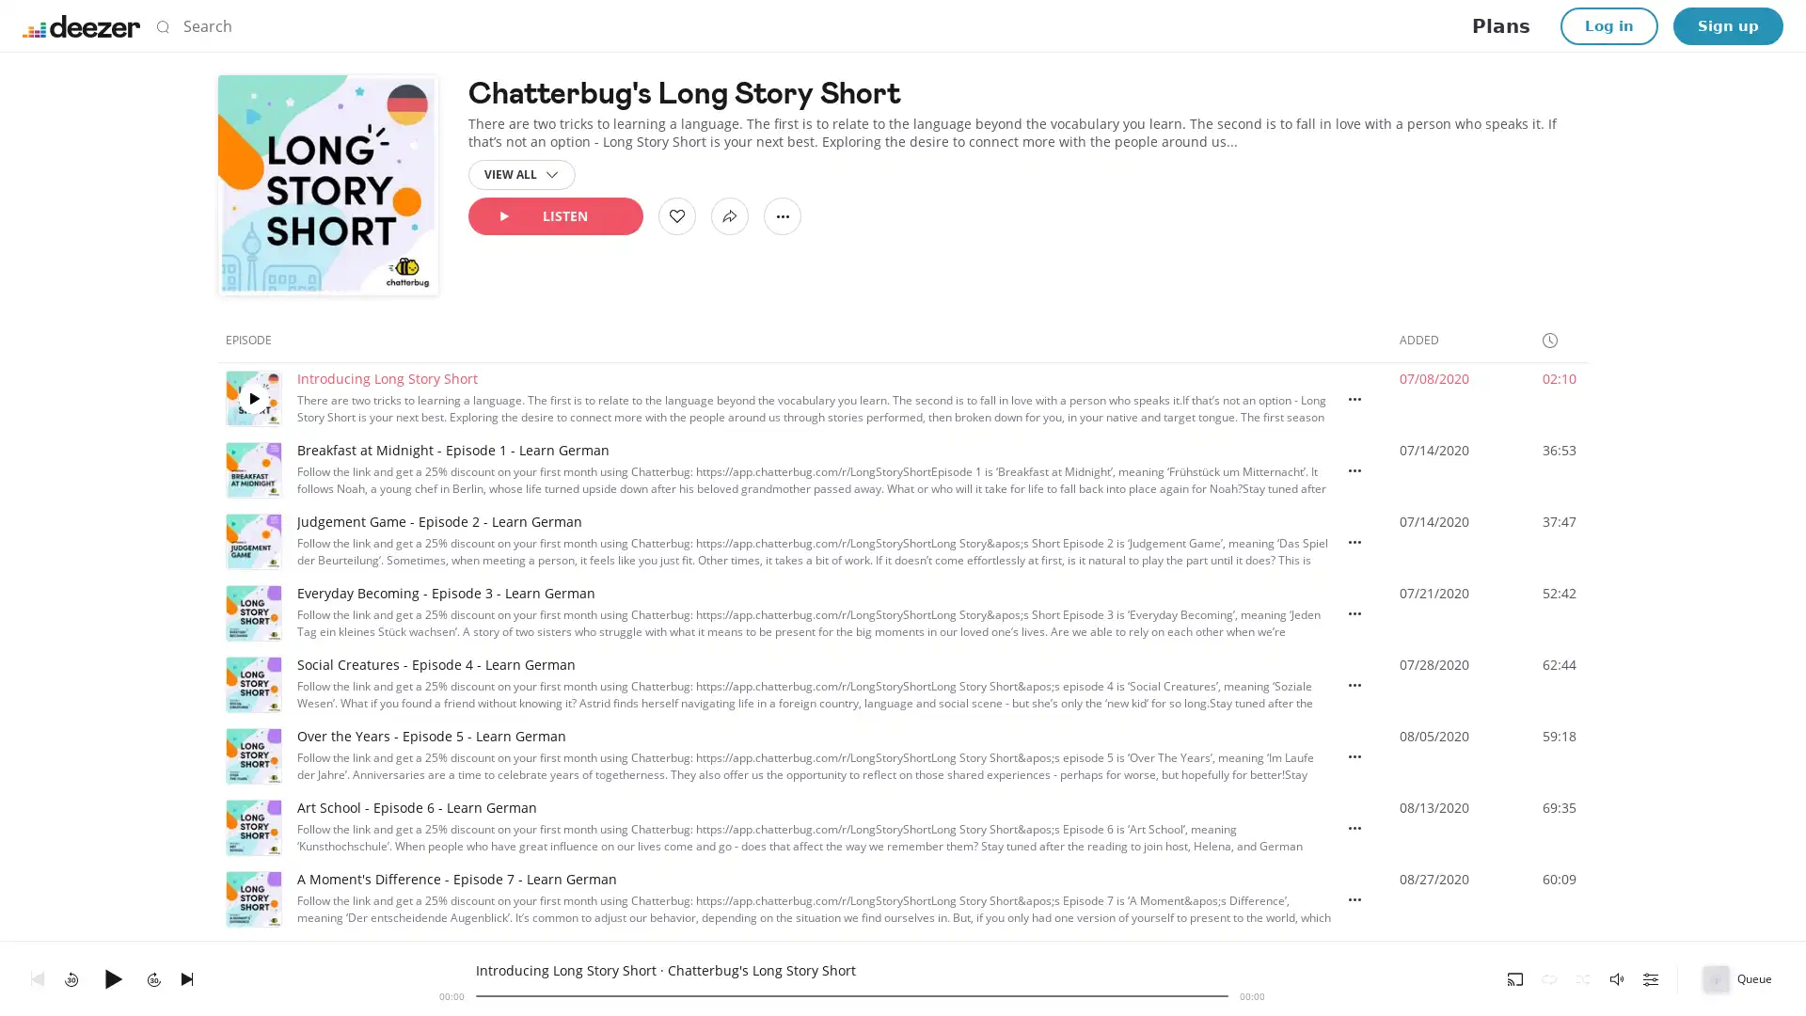  Describe the element at coordinates (252, 398) in the screenshot. I see `Play Introducing Long Story Short by Chatterbug's Long Story Short` at that location.